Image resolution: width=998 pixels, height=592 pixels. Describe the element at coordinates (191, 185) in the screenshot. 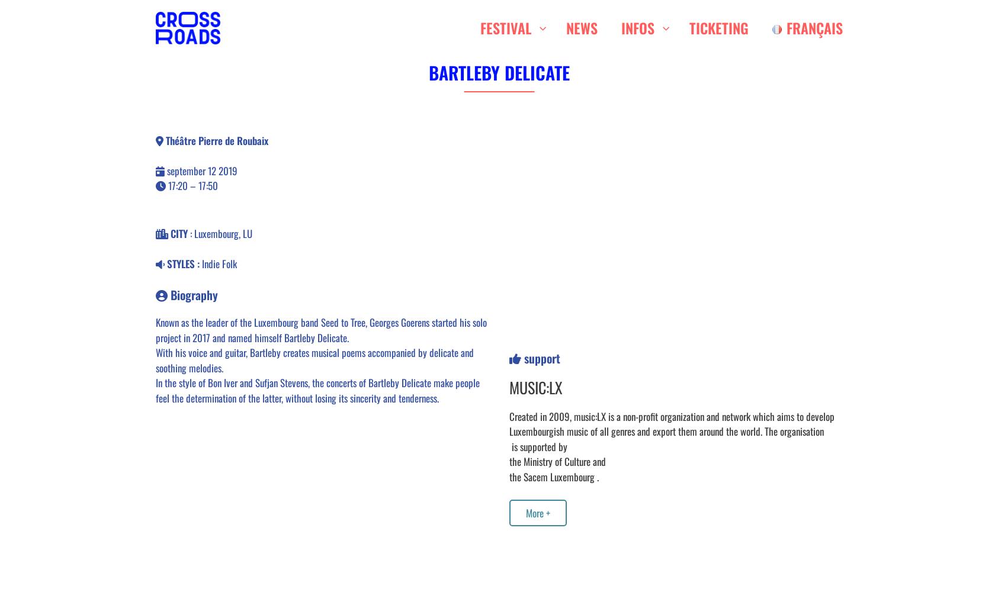

I see `'17:20 – 17:50'` at that location.